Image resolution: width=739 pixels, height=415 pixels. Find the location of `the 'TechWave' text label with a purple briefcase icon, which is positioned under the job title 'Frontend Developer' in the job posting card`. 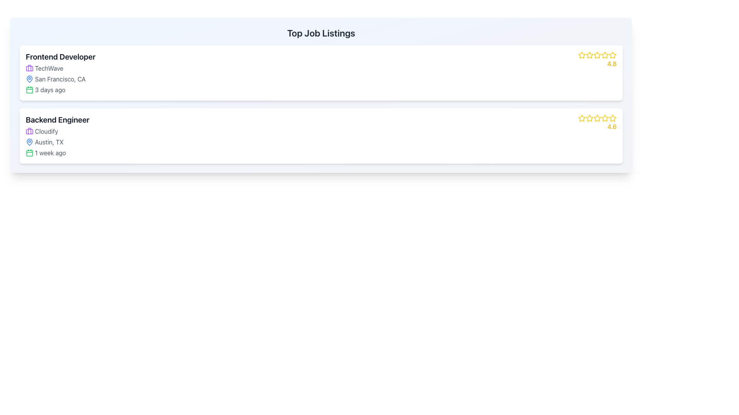

the 'TechWave' text label with a purple briefcase icon, which is positioned under the job title 'Frontend Developer' in the job posting card is located at coordinates (60, 68).